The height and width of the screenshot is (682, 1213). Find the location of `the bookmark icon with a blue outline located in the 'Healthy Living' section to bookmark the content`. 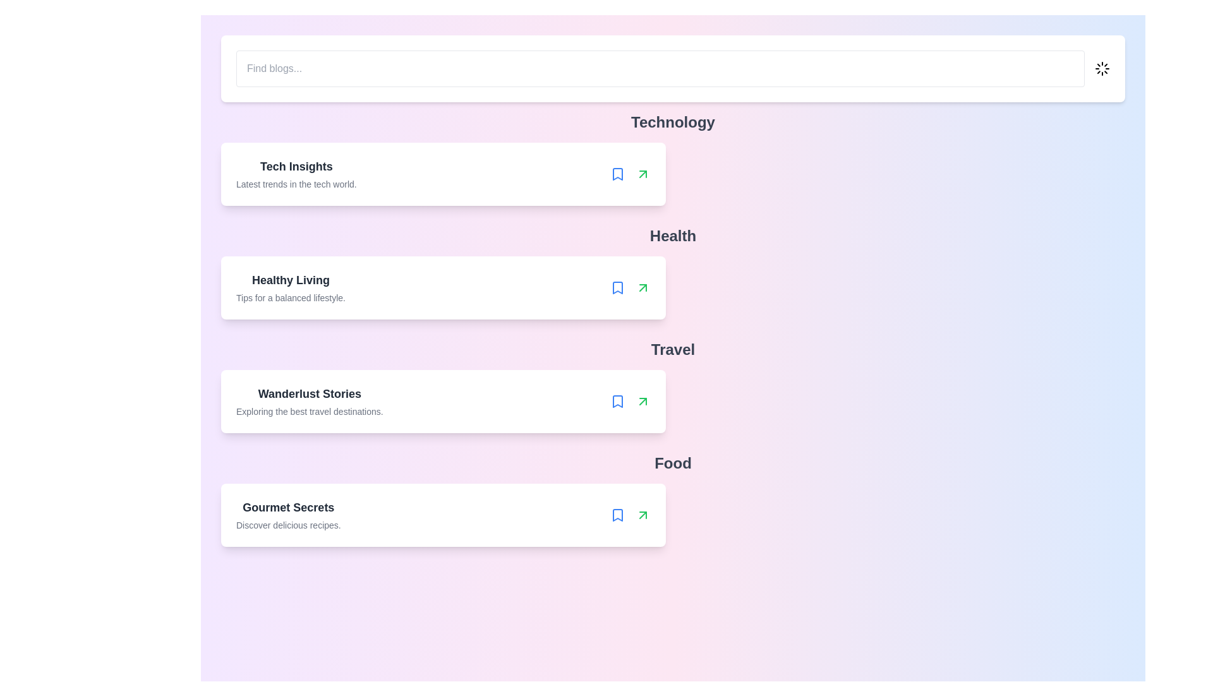

the bookmark icon with a blue outline located in the 'Healthy Living' section to bookmark the content is located at coordinates (617, 287).